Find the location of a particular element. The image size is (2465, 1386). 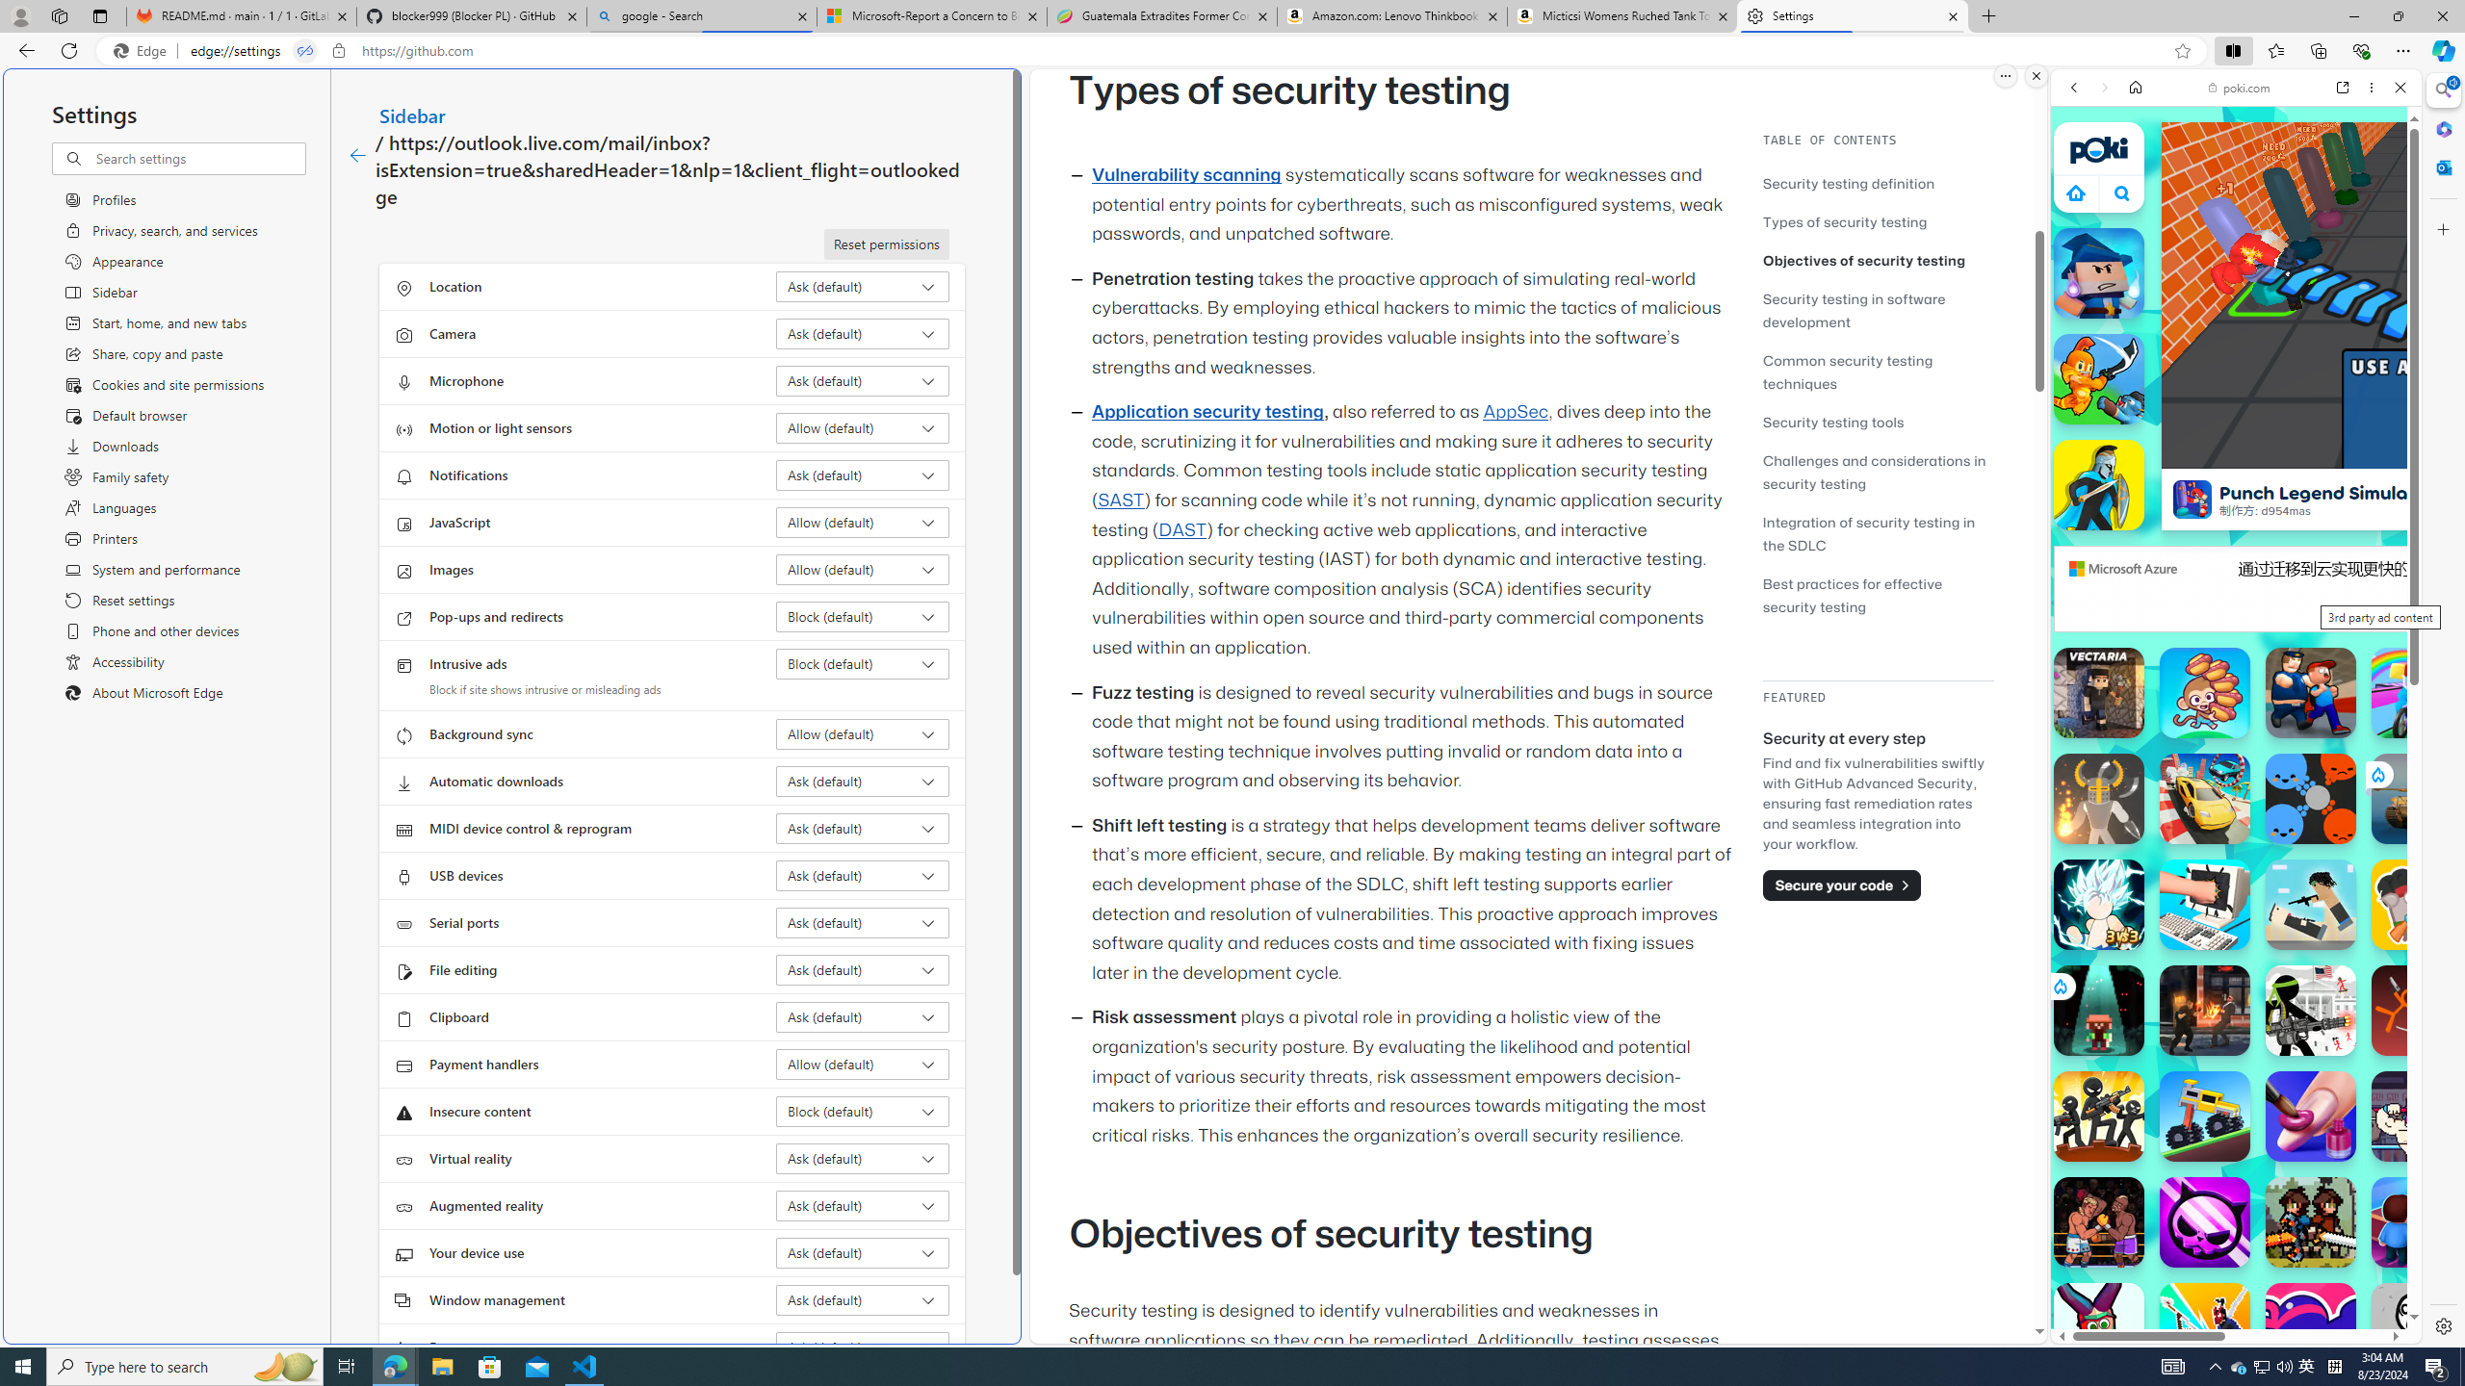

'Crazy Cars' is located at coordinates (2403, 972).